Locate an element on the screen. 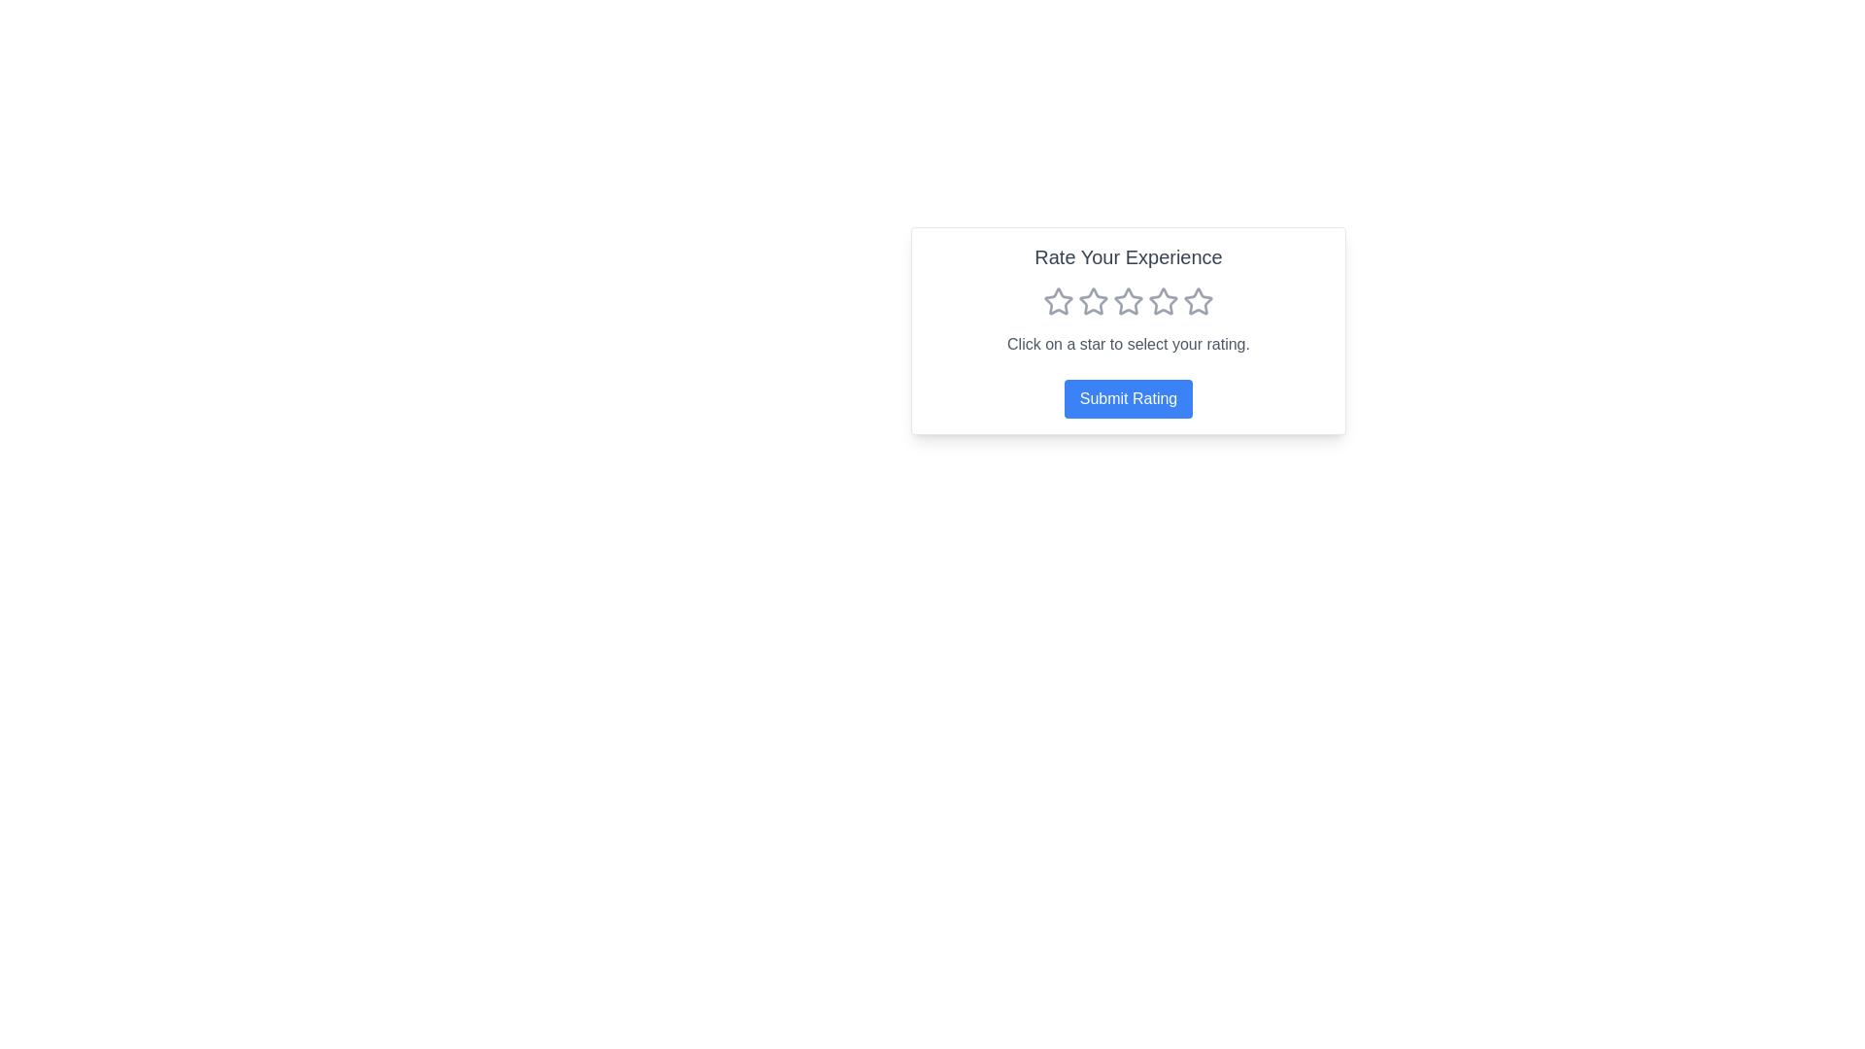 The width and height of the screenshot is (1865, 1049). one of the hollow star-shaped icons in the 'Rate Your Experience' card to provide a rating is located at coordinates (1128, 329).